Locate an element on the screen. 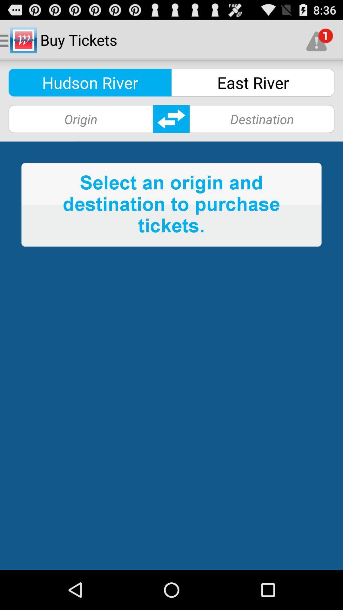  the swap icon is located at coordinates (171, 127).